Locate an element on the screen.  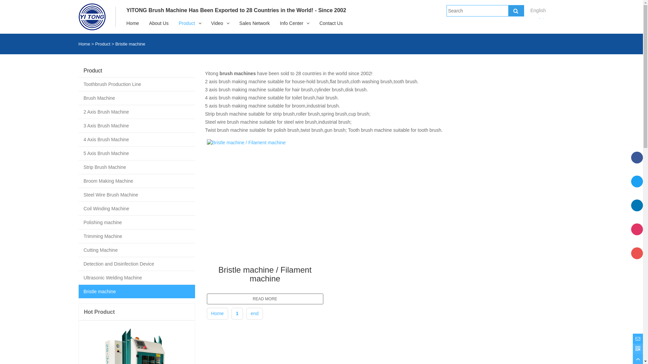
'Trimming Machine' is located at coordinates (78, 236).